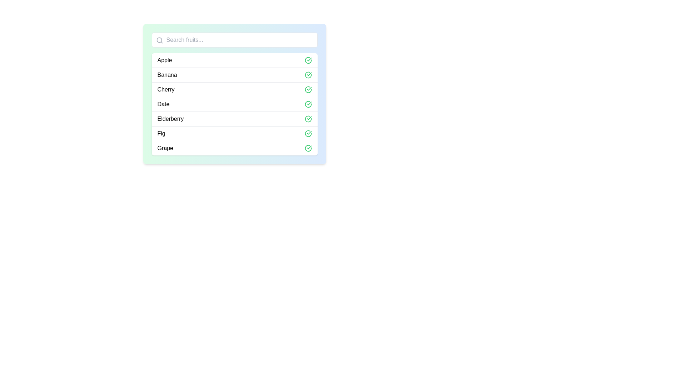  What do you see at coordinates (308, 104) in the screenshot?
I see `the green circular icon with a checkmark inside, located in the rightmost segment of the 'Date' row` at bounding box center [308, 104].